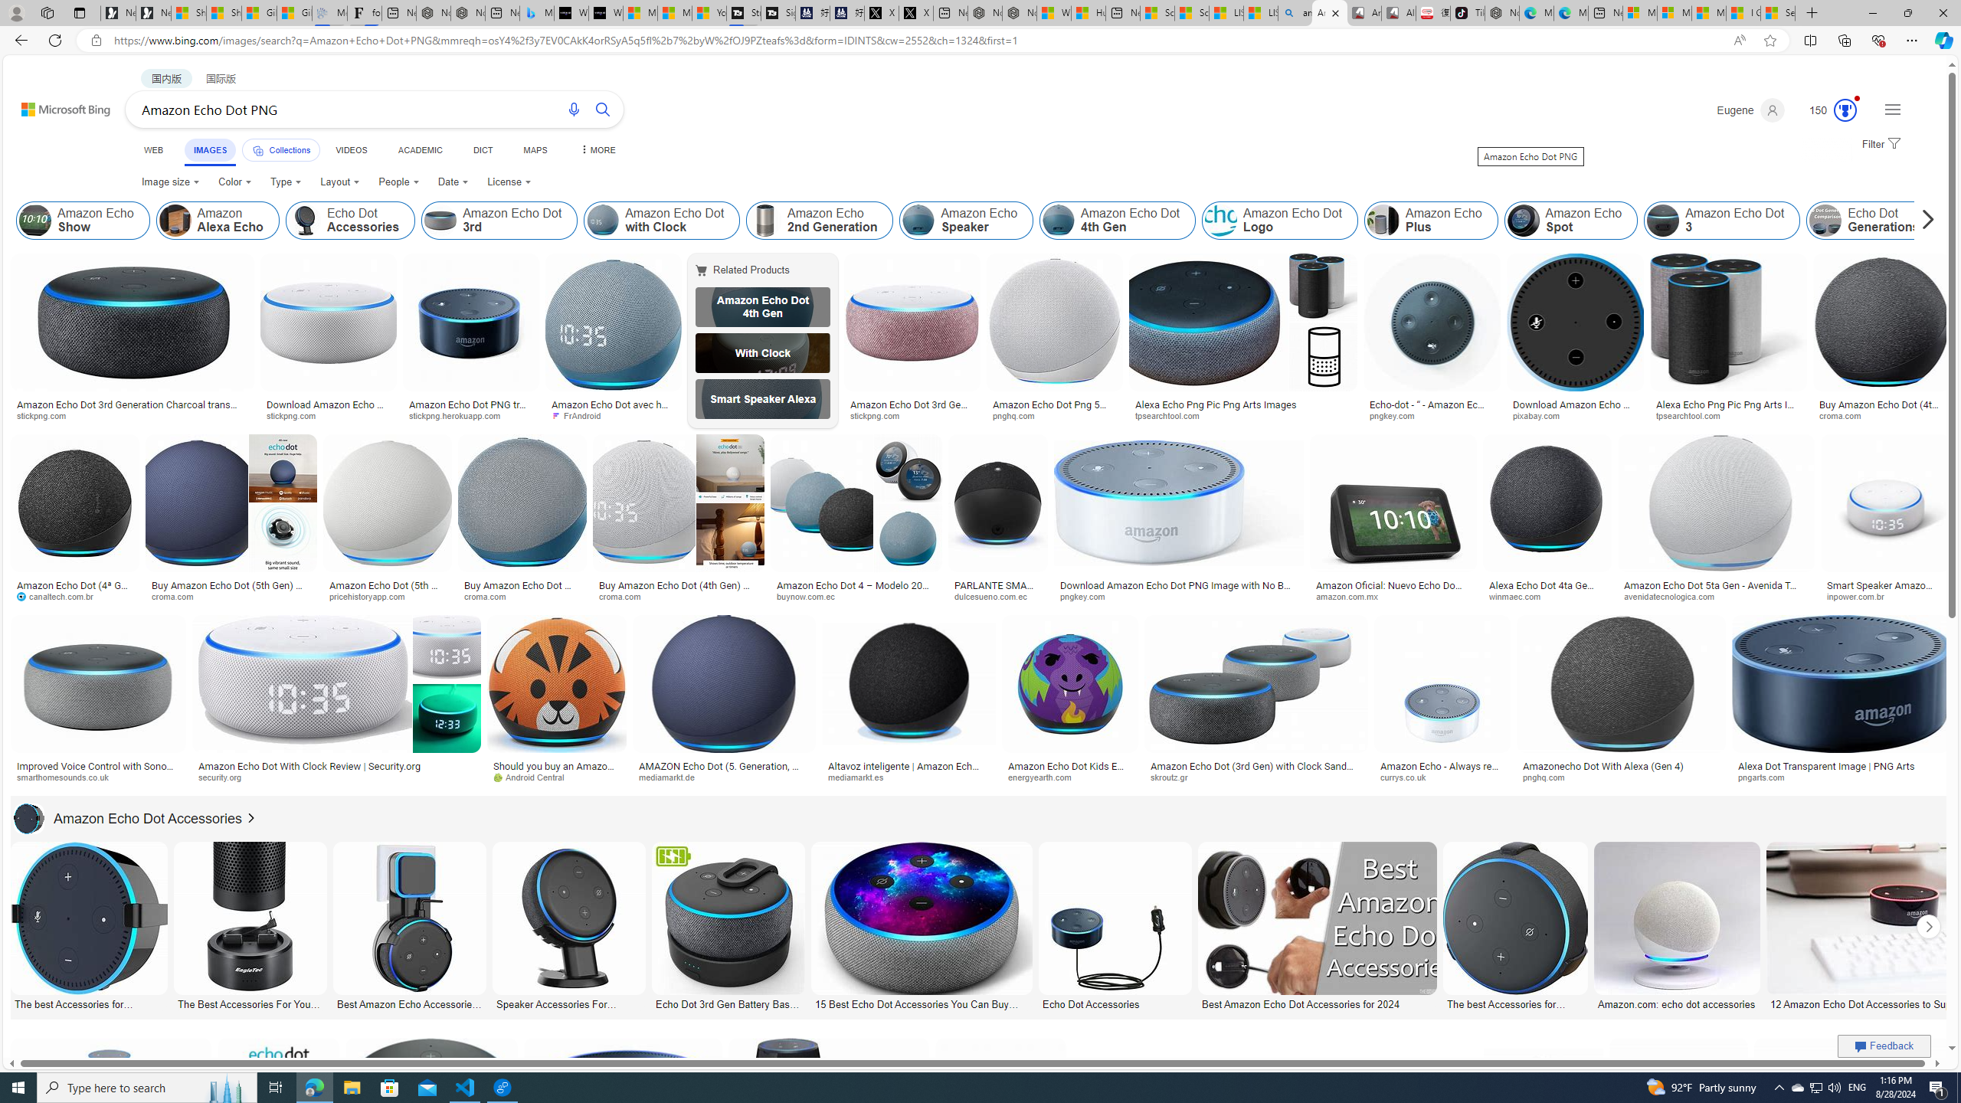 The image size is (1961, 1103). Describe the element at coordinates (128, 818) in the screenshot. I see `'Amazon Echo Dot Accessories'` at that location.